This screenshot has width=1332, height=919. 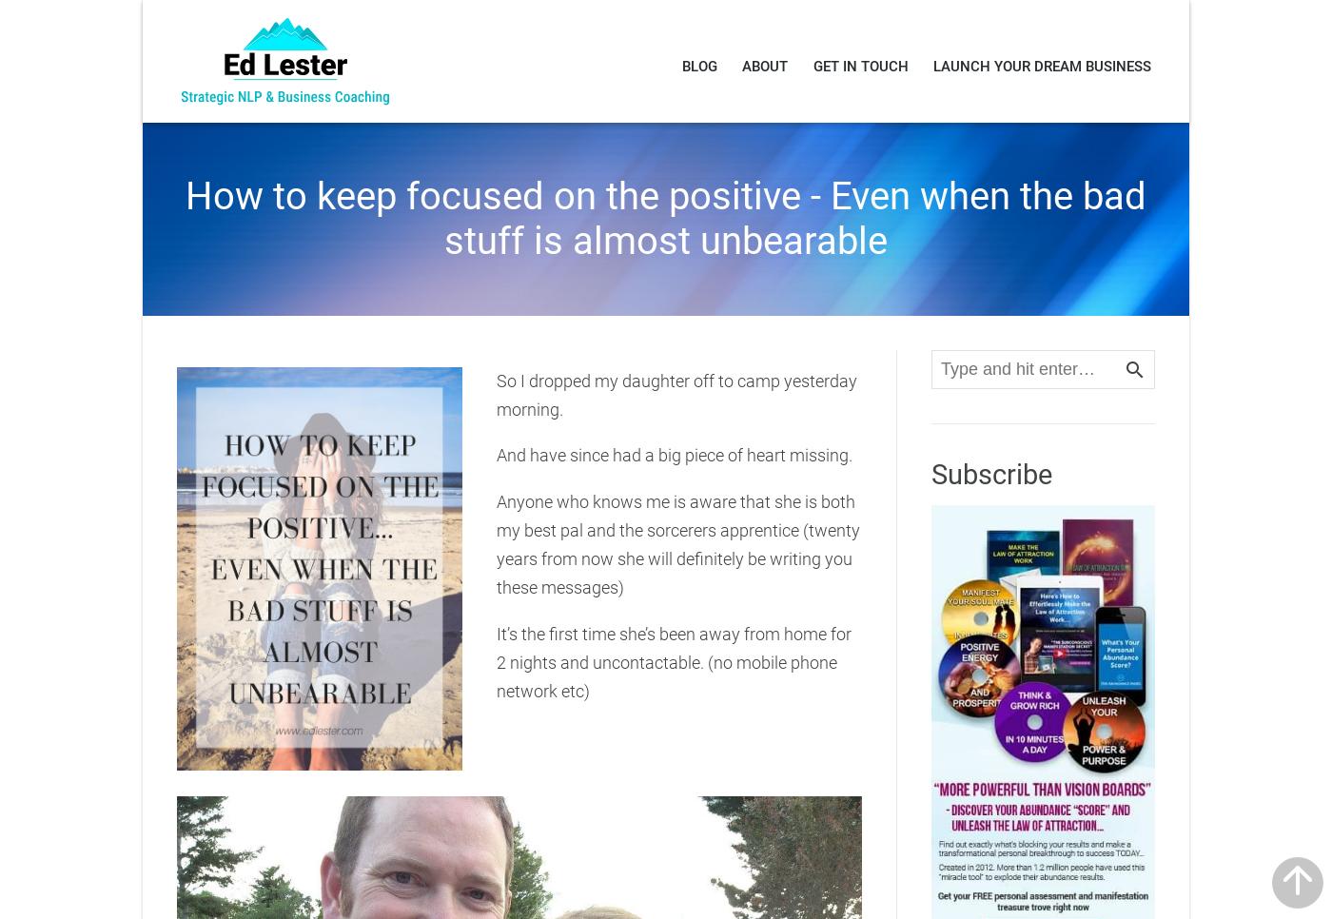 I want to click on 'So I dropped my daughter off to camp yesterday morning.', so click(x=676, y=394).